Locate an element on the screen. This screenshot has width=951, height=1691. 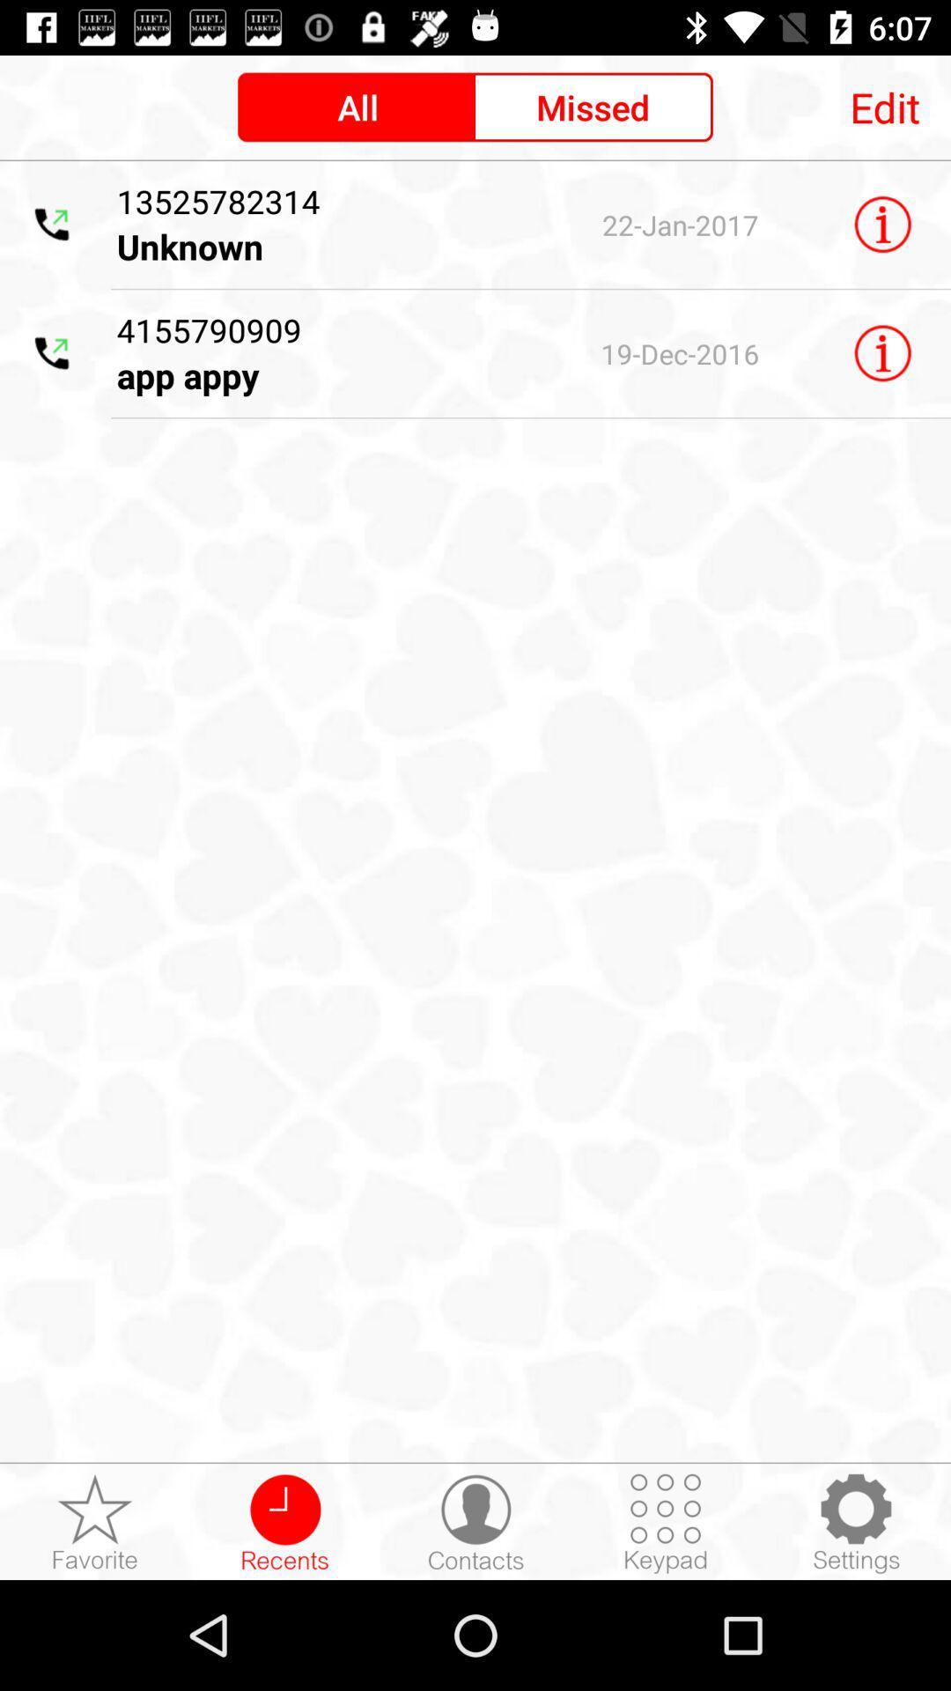
the star icon is located at coordinates (95, 1522).